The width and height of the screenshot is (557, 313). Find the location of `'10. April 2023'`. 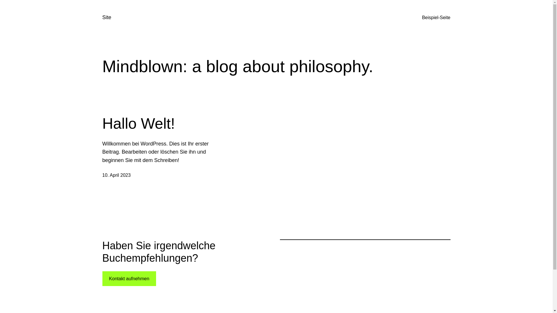

'10. April 2023' is located at coordinates (102, 175).